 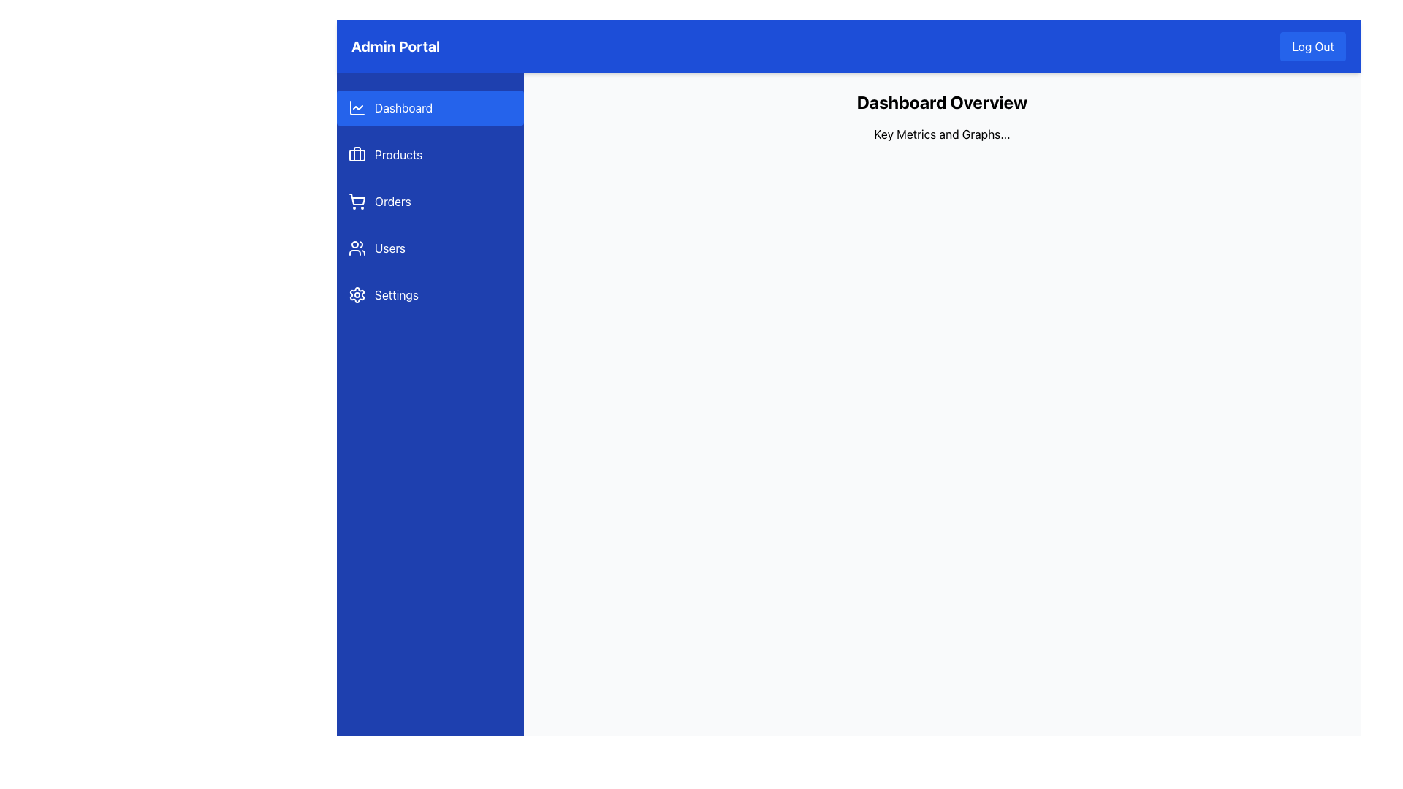 What do you see at coordinates (389, 247) in the screenshot?
I see `the 'Users' text label` at bounding box center [389, 247].